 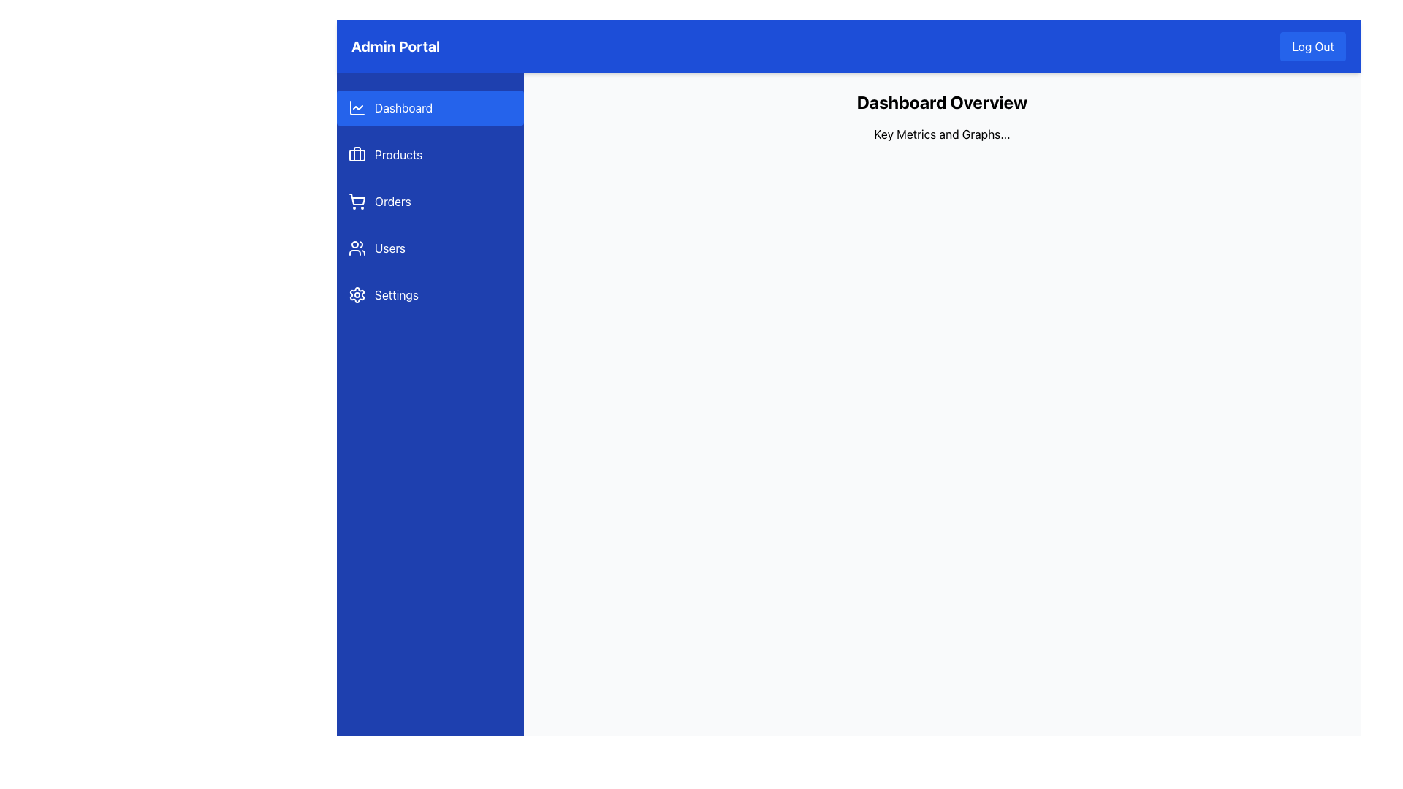 What do you see at coordinates (389, 247) in the screenshot?
I see `the 'Users' text label` at bounding box center [389, 247].